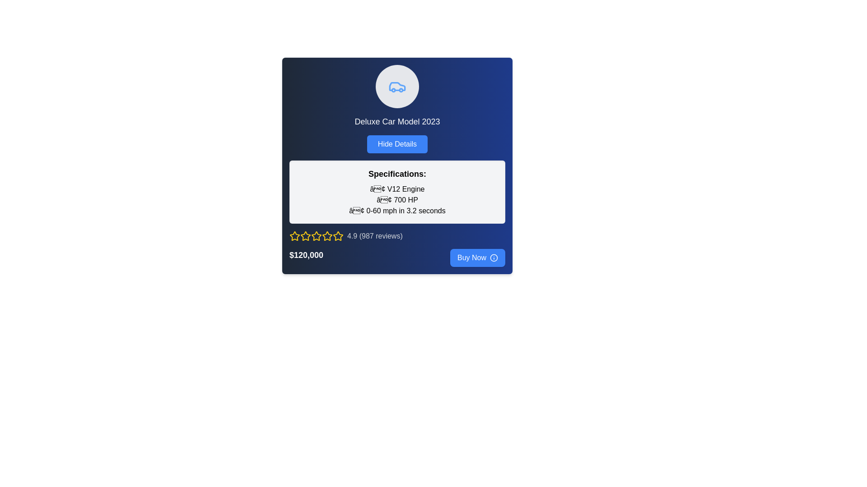  Describe the element at coordinates (397, 144) in the screenshot. I see `the button used to hide additional details for the 'Deluxe Car Model 2023'` at that location.